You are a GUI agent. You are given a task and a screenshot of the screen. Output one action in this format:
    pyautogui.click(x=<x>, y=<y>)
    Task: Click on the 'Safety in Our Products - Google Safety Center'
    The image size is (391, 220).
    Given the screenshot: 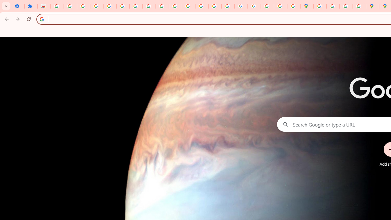 What is the action you would take?
    pyautogui.click(x=359, y=6)
    